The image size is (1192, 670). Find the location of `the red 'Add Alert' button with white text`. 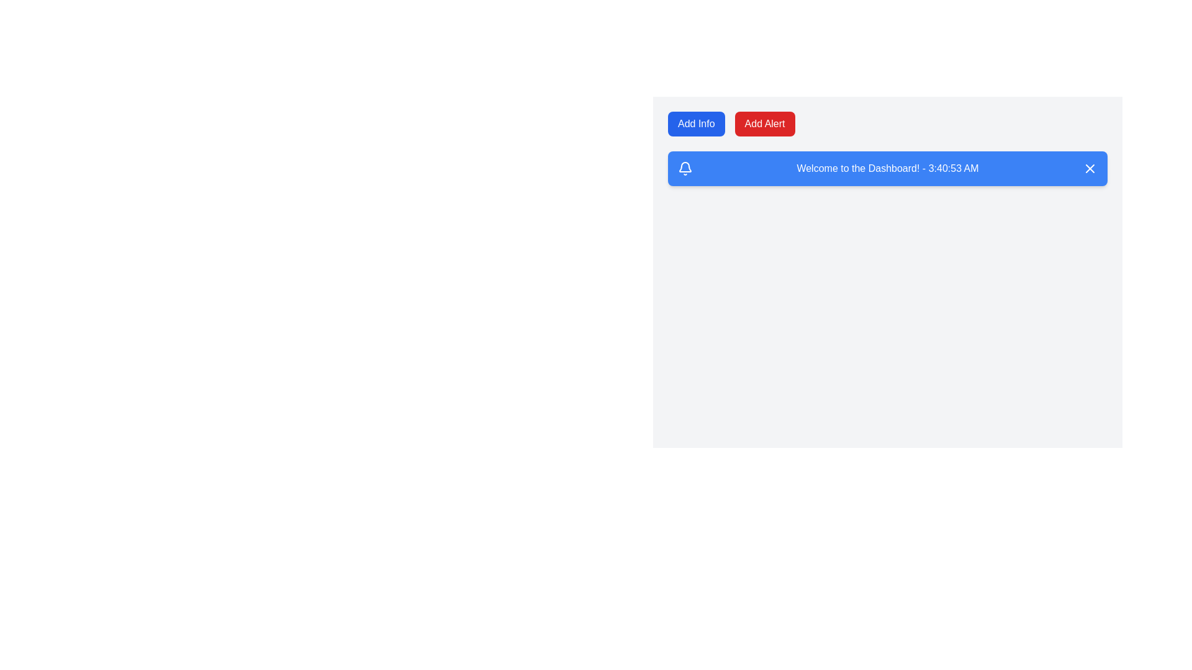

the red 'Add Alert' button with white text is located at coordinates (764, 124).